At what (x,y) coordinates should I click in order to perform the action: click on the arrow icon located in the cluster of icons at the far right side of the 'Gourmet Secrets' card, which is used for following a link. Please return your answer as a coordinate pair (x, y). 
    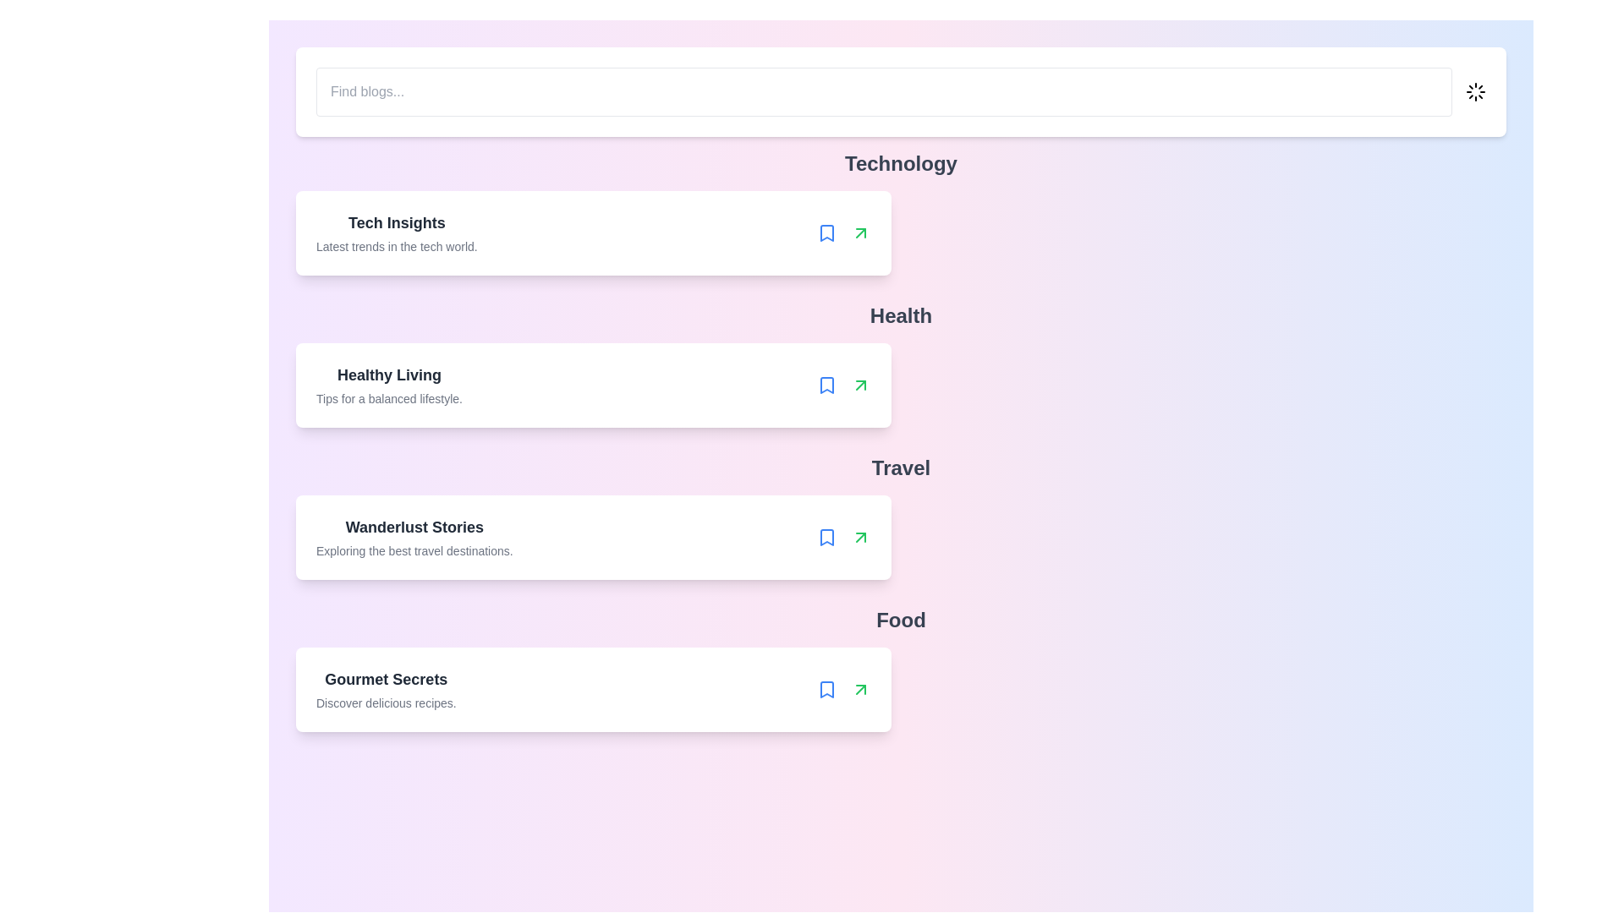
    Looking at the image, I should click on (843, 690).